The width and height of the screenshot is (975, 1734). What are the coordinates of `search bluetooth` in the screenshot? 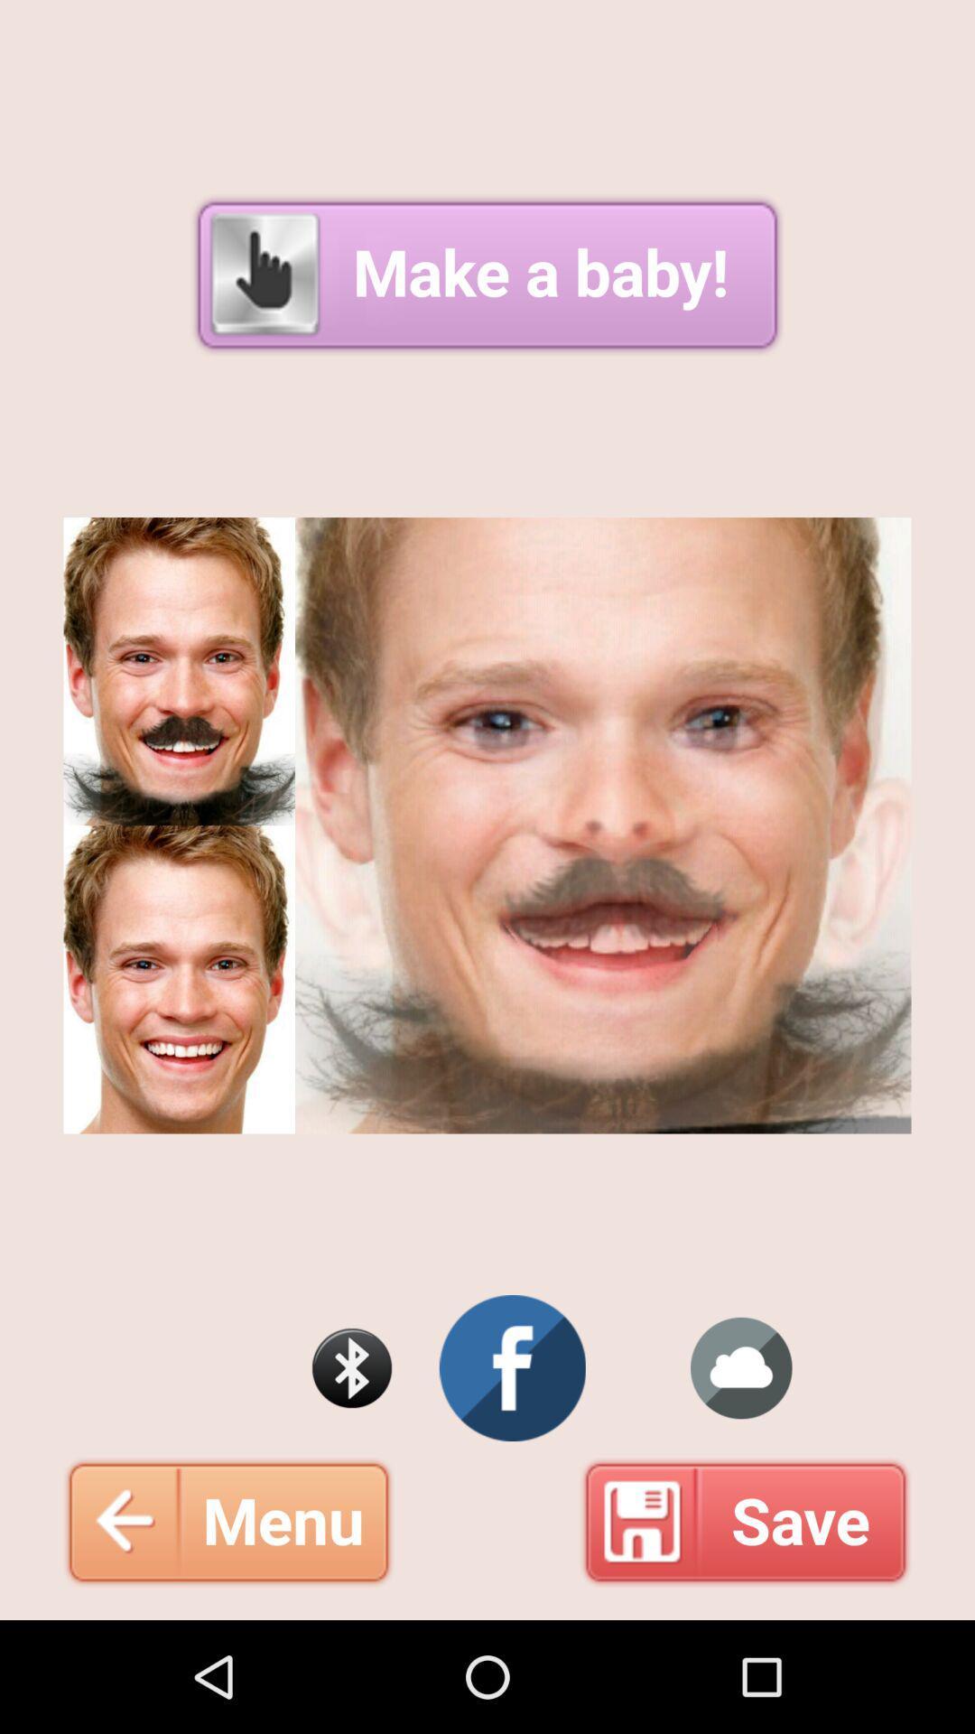 It's located at (351, 1368).